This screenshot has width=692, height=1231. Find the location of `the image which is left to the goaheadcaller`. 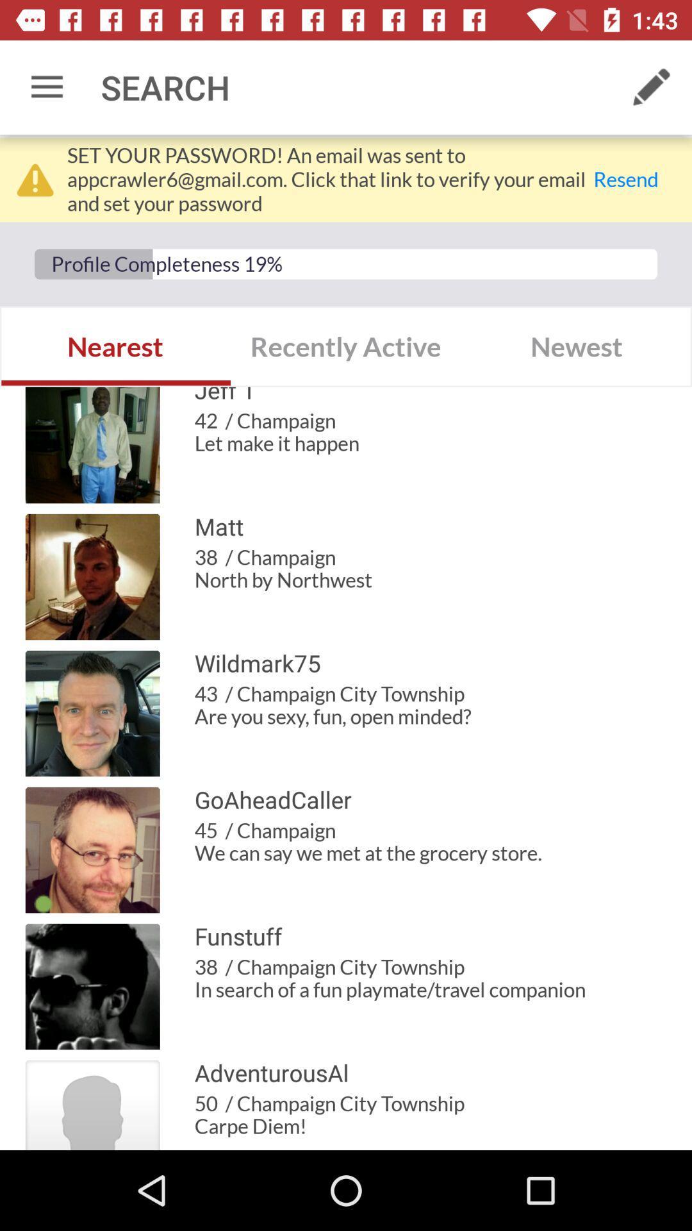

the image which is left to the goaheadcaller is located at coordinates (92, 850).